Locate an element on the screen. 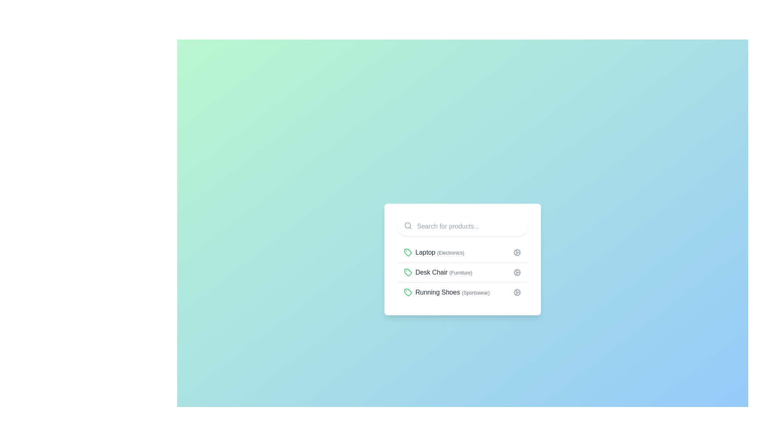 The image size is (782, 440). the third list item labeled 'Running Shoes (Sportswear)' for additional options is located at coordinates (463, 292).